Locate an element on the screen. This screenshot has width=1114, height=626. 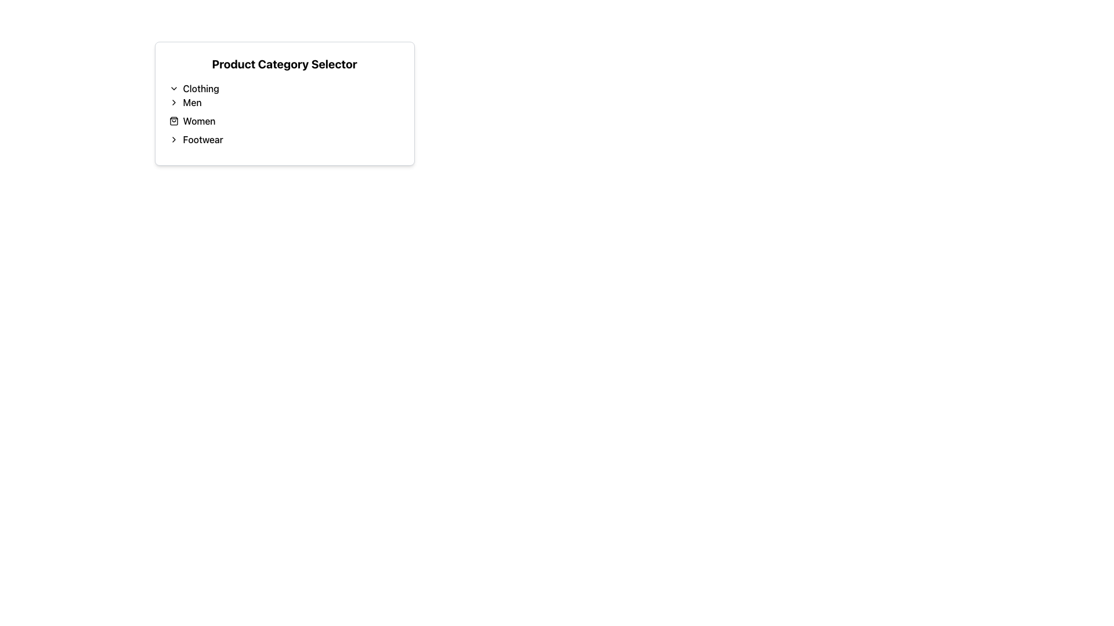
the small chevron-shaped arrow icon pointing to the right, which is located to the left of the text 'Men' and slightly indented under 'Clothing' in the product category selector is located at coordinates (173, 102).